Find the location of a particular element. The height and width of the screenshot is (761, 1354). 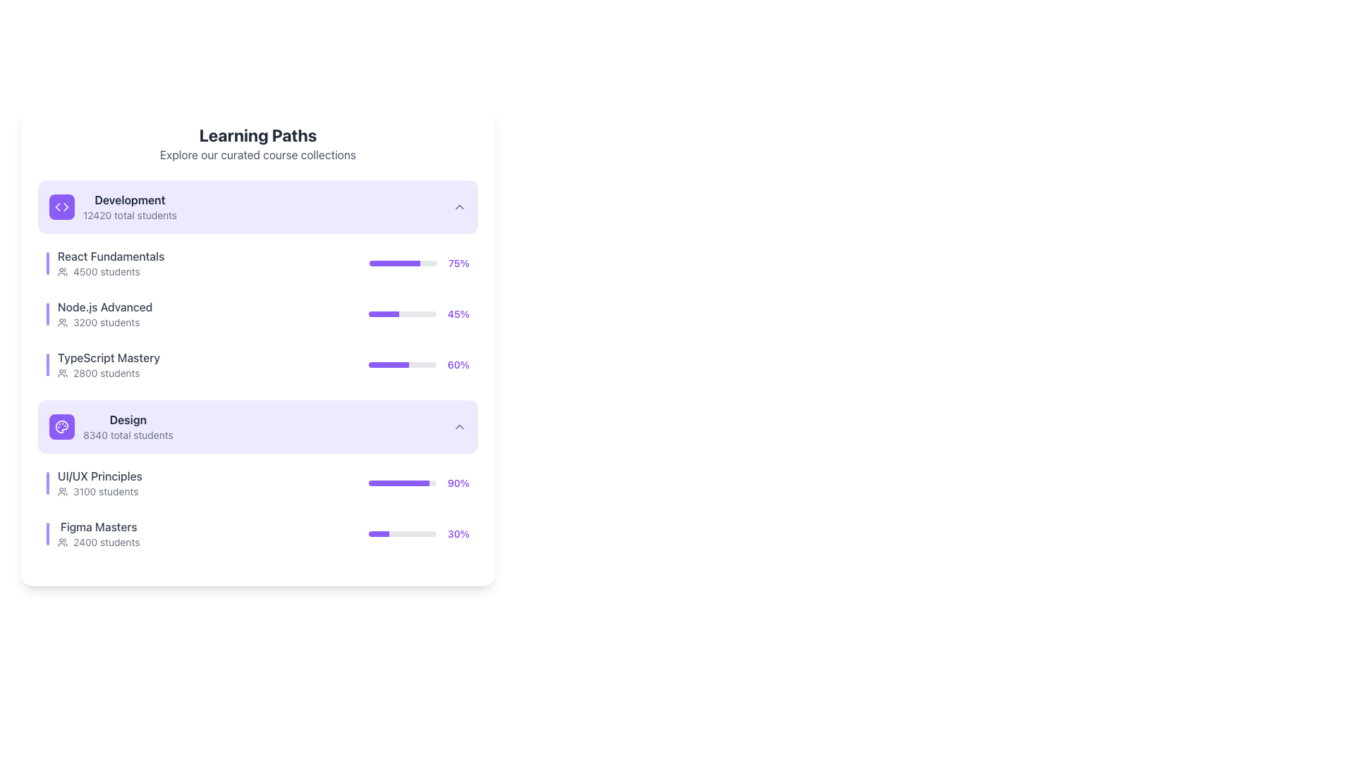

the 'Node.js Advanced' course link element, which includes the hyperlink and student count is located at coordinates (99, 314).